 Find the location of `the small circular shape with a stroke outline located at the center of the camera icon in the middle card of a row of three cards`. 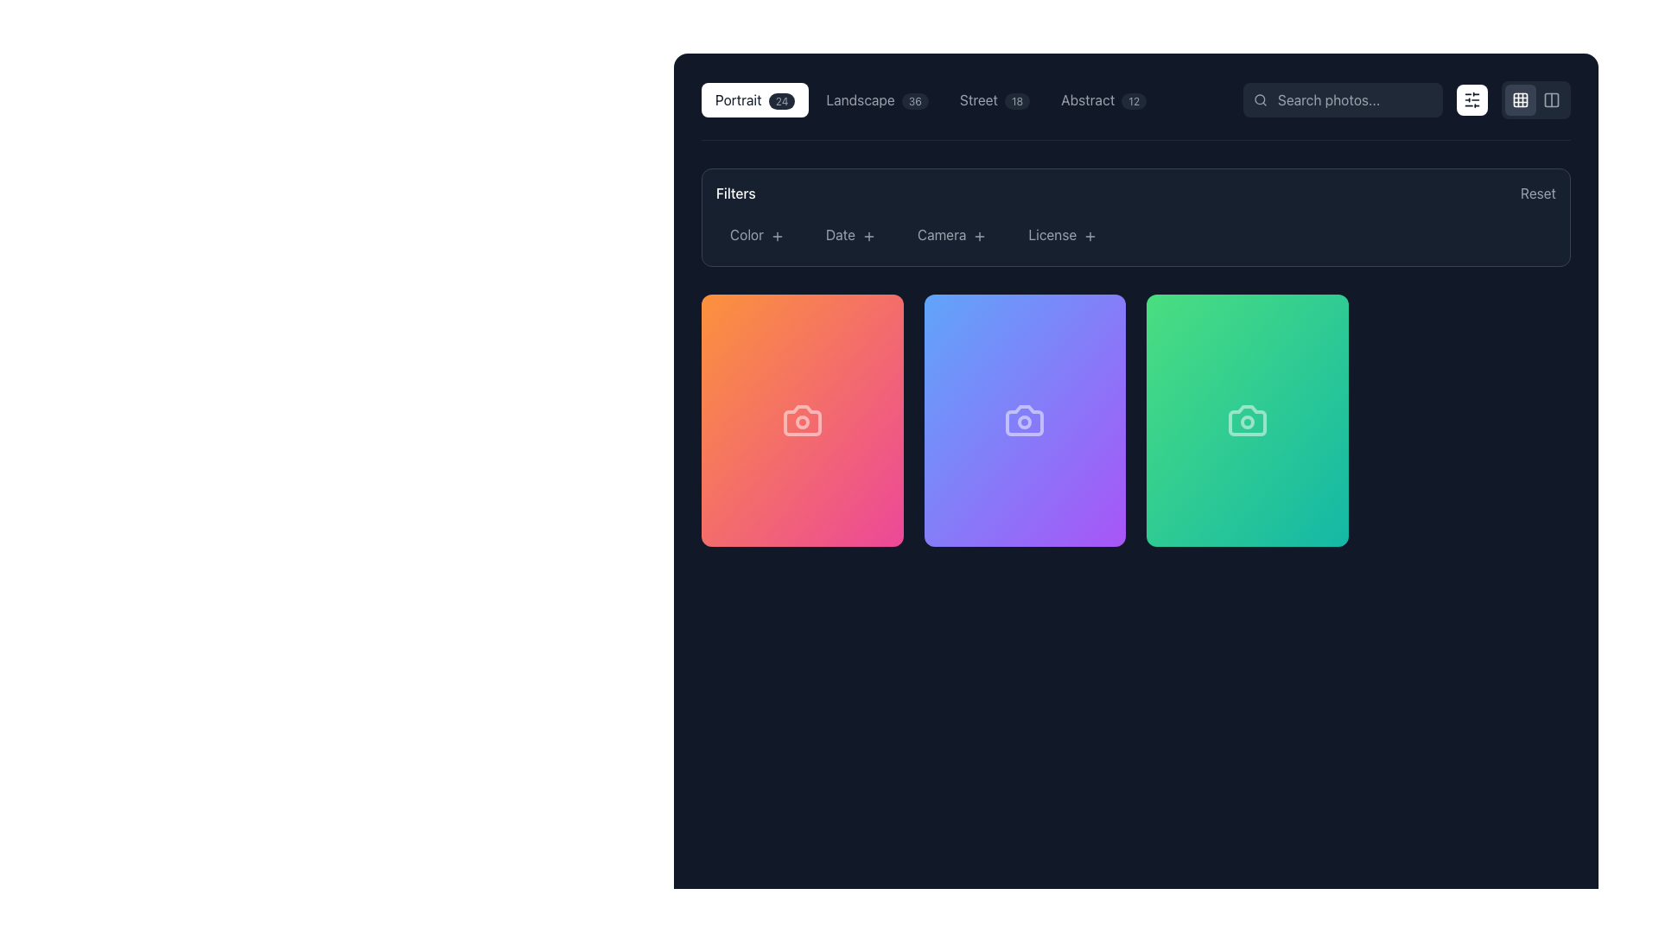

the small circular shape with a stroke outline located at the center of the camera icon in the middle card of a row of three cards is located at coordinates (1025, 422).